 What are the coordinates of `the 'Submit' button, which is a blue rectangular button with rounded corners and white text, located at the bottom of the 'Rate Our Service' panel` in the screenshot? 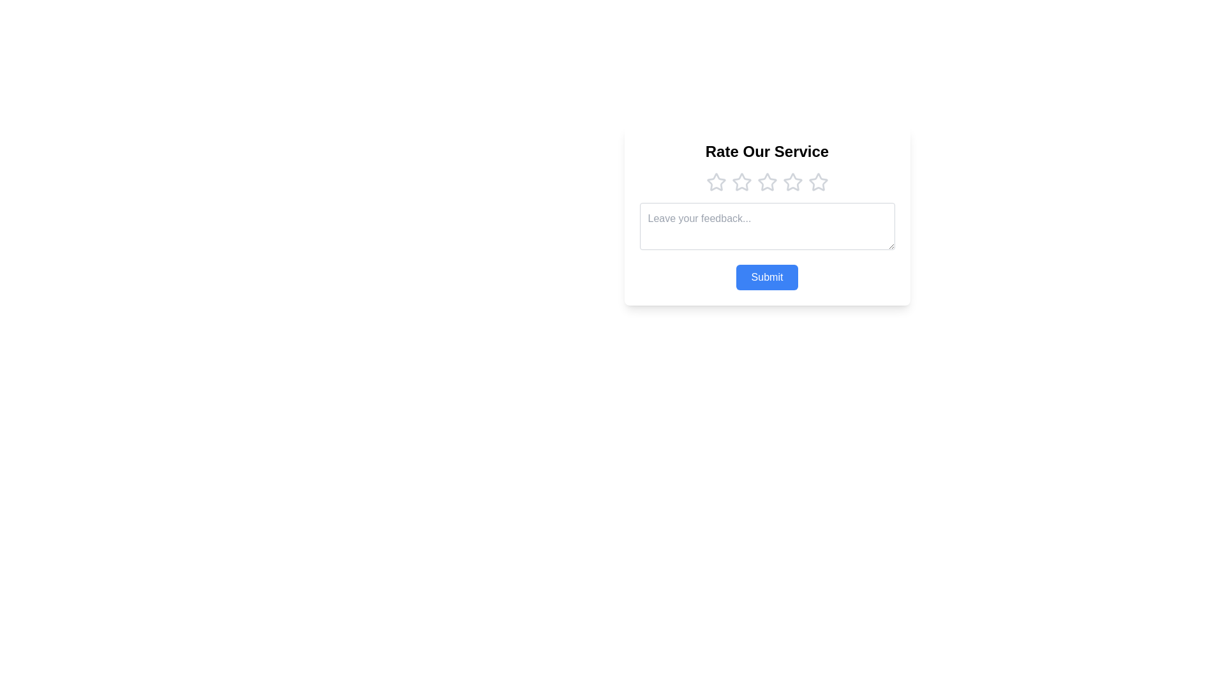 It's located at (766, 277).